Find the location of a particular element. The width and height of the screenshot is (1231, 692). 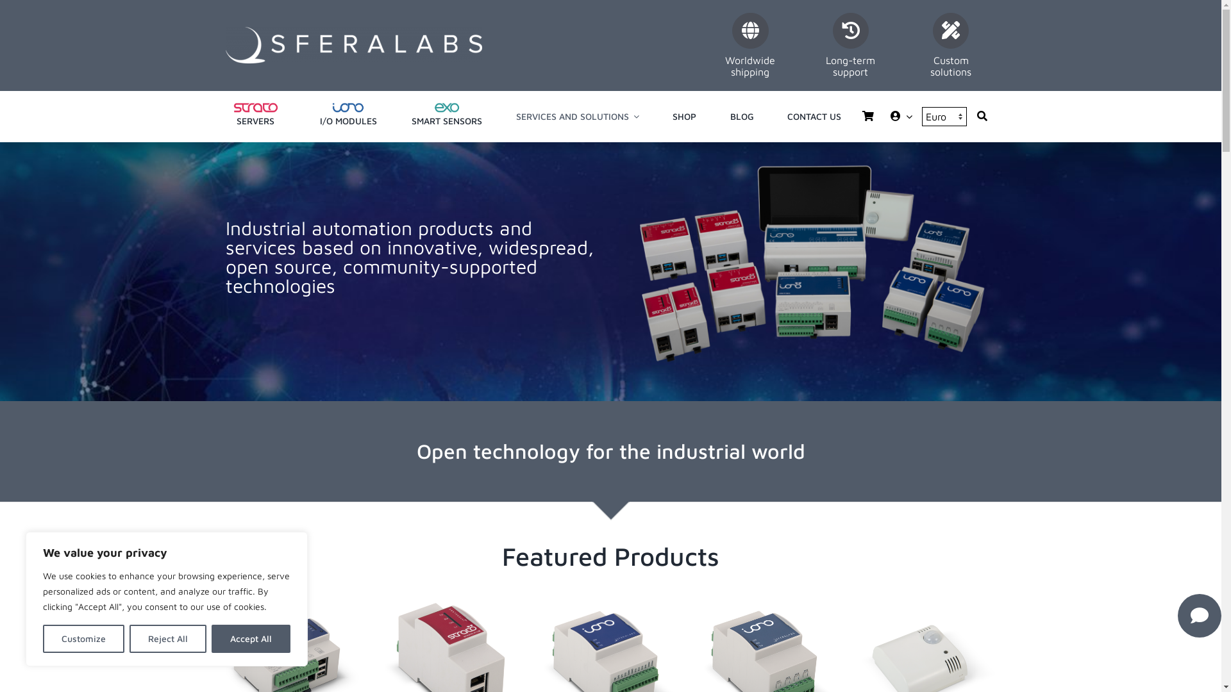

'CONTACT US' is located at coordinates (814, 116).